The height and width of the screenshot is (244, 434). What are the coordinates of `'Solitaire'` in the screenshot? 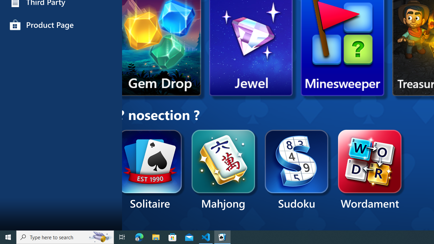 It's located at (150, 170).